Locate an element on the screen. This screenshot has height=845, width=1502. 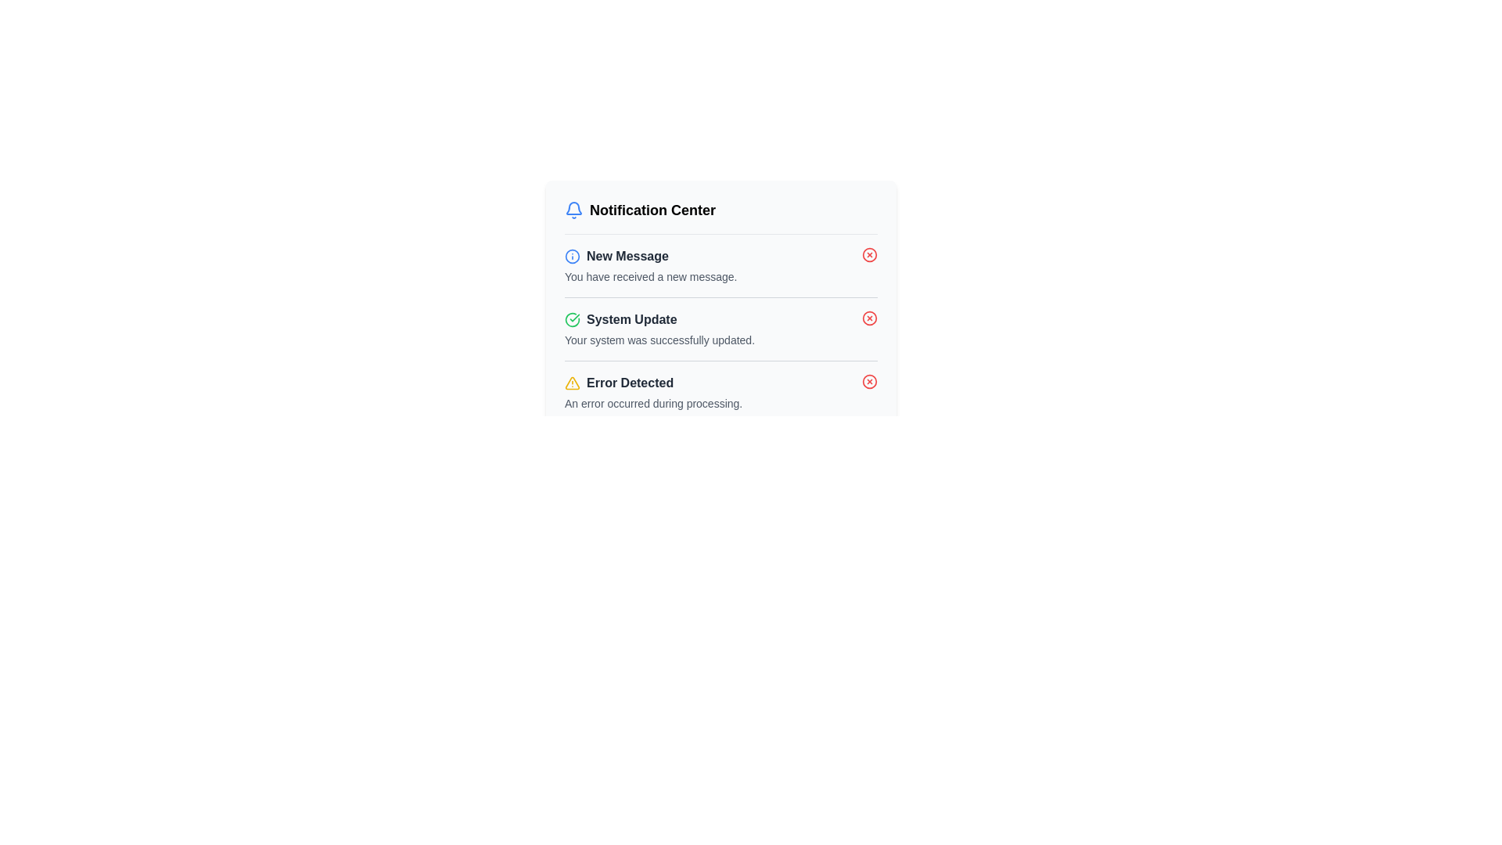
the triangular warning icon with yellow borders and a hollow center that features a yellow exclamation mark, located to the left of the text 'Error Detected' is located at coordinates (571, 383).